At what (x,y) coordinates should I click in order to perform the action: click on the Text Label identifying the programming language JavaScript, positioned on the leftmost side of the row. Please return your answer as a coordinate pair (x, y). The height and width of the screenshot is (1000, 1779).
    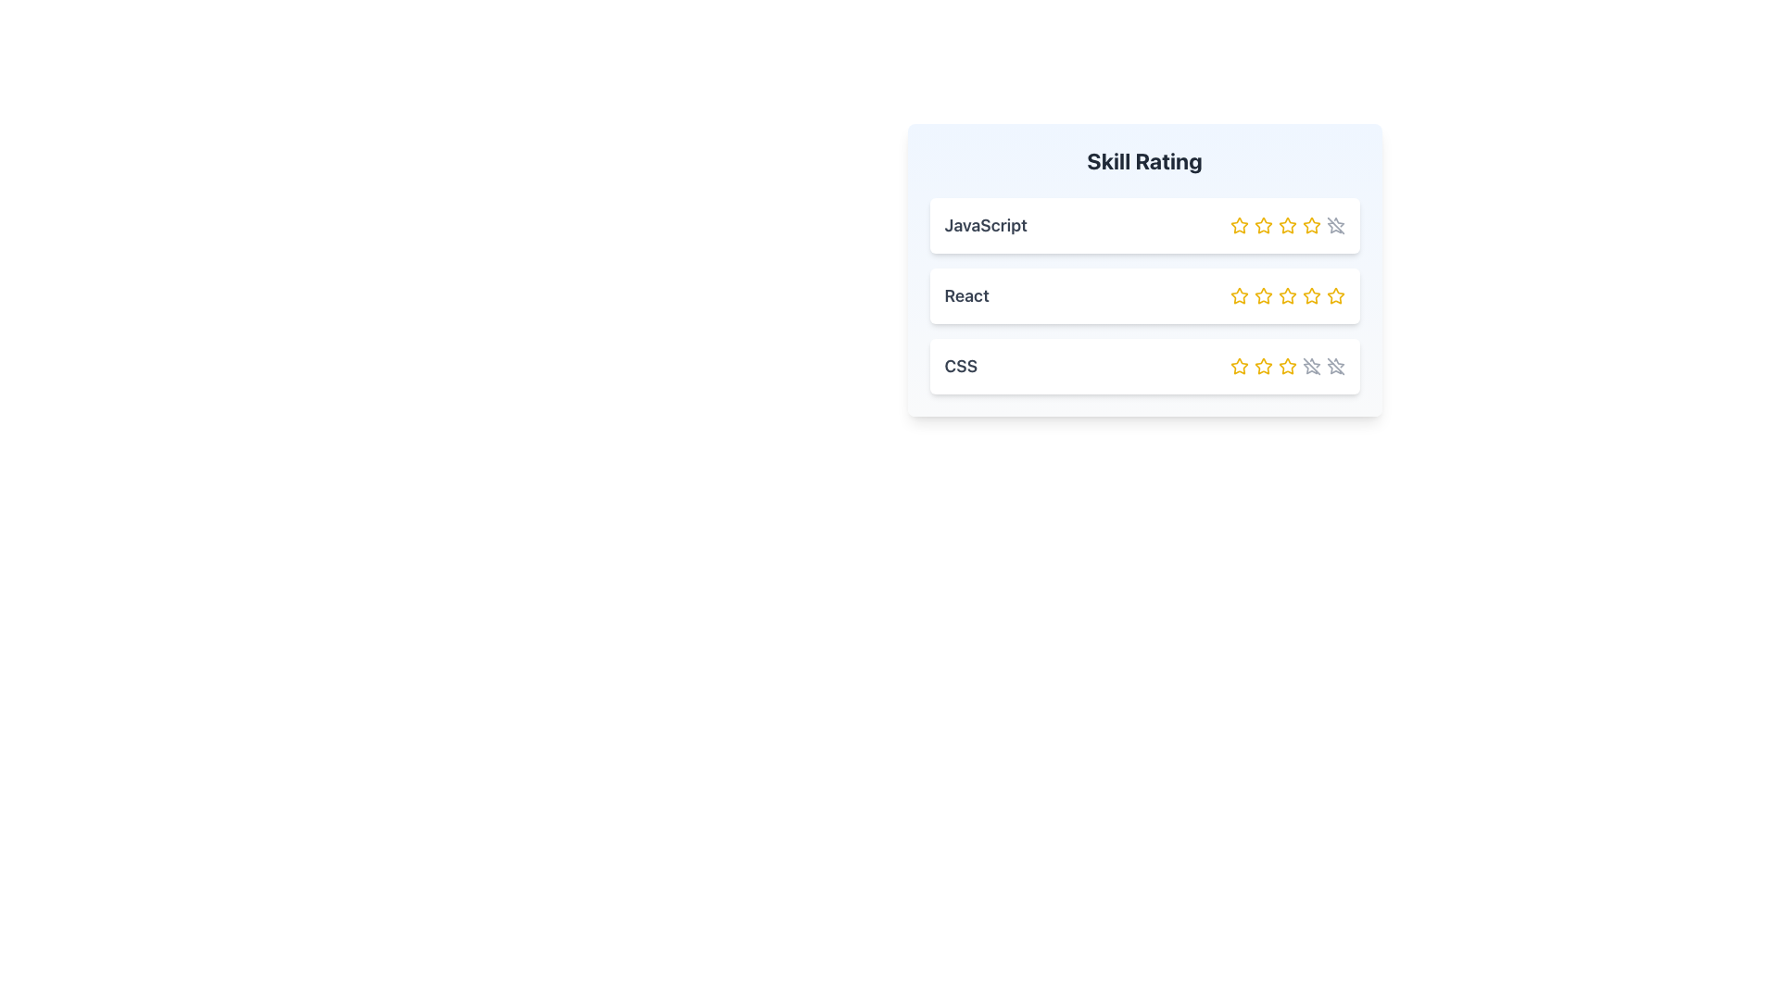
    Looking at the image, I should click on (985, 224).